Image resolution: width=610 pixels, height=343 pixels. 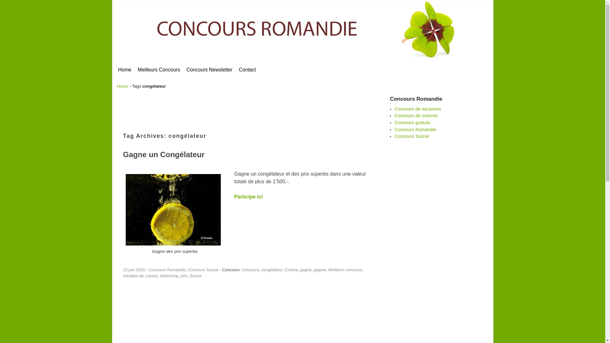 I want to click on 'Contact', so click(x=235, y=70).